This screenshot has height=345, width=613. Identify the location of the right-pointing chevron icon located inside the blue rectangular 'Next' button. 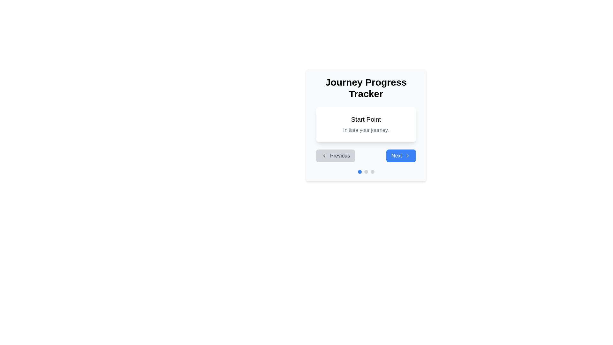
(407, 156).